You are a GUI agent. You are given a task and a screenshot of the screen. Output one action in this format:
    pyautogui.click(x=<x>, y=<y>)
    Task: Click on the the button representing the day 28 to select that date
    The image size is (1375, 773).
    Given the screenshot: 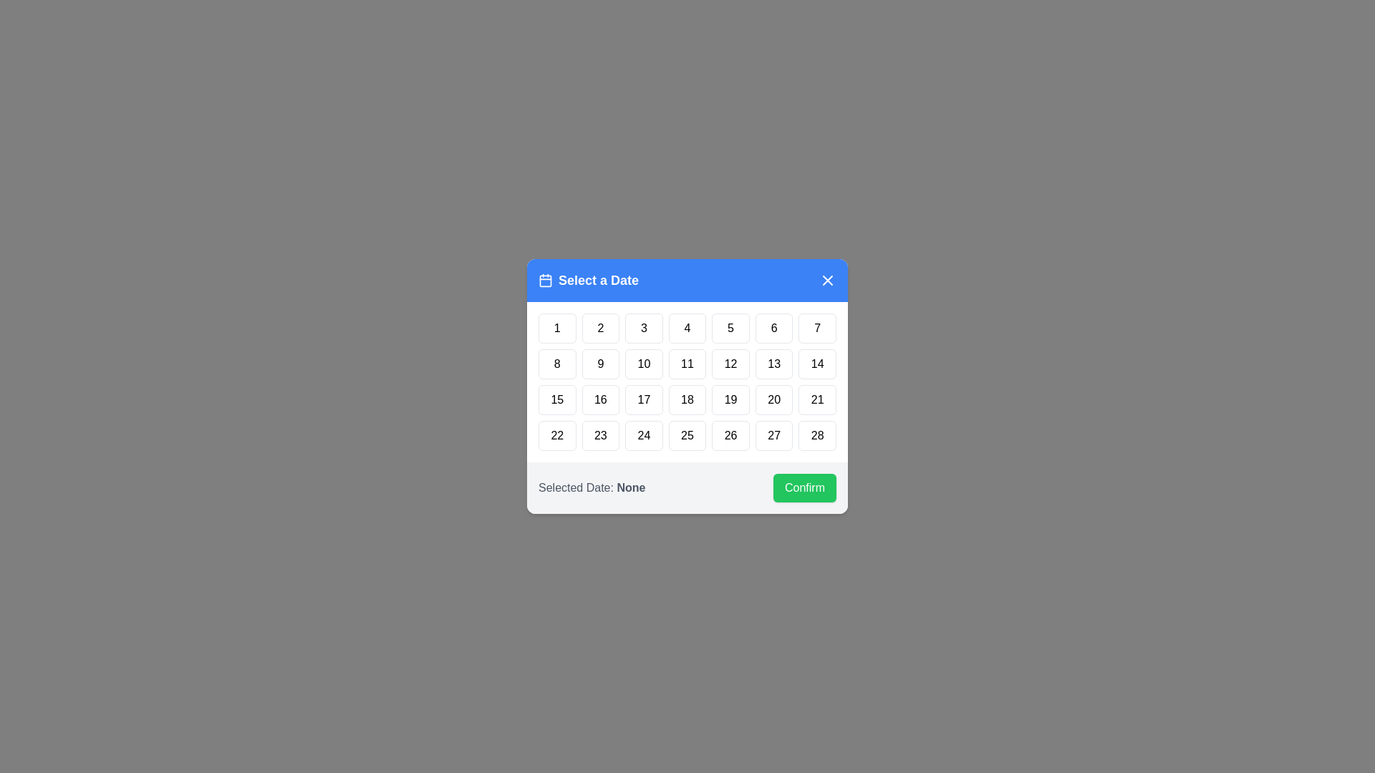 What is the action you would take?
    pyautogui.click(x=818, y=435)
    